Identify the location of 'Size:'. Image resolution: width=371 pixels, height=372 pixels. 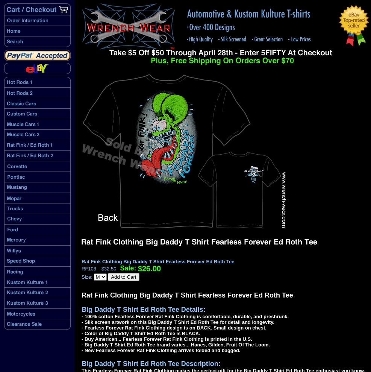
(82, 277).